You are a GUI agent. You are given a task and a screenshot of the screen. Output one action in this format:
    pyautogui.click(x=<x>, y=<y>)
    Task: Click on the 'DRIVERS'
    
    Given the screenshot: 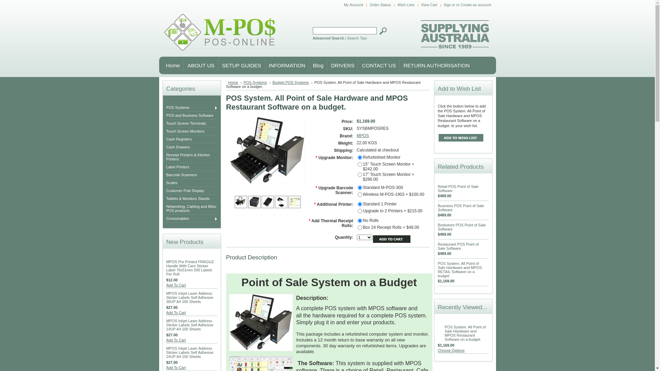 What is the action you would take?
    pyautogui.click(x=340, y=65)
    